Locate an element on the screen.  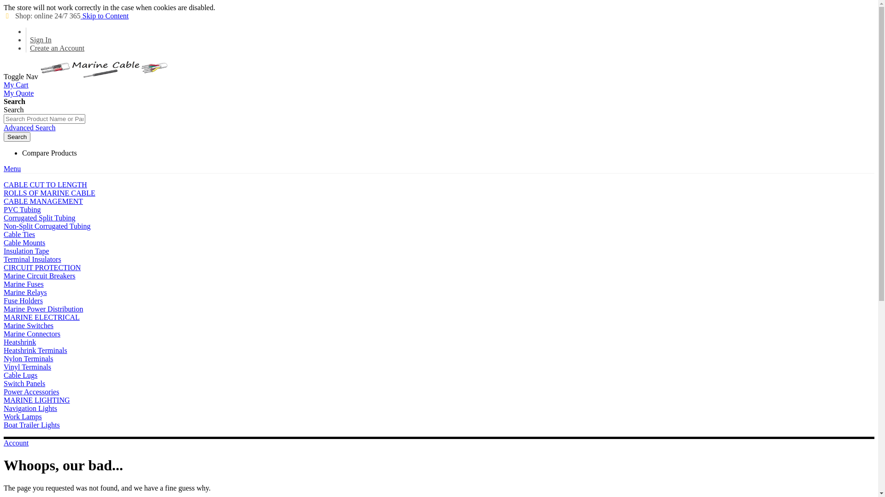
'Marine Cable Supplied Worldwide' is located at coordinates (104, 69).